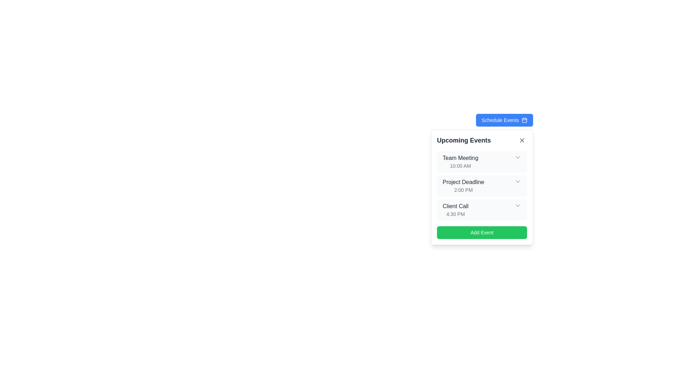 The height and width of the screenshot is (383, 681). I want to click on the 'Close' button with an embedded X icon located in the top-right corner of the 'Upcoming Events' panel for accessibility interactions, so click(522, 140).